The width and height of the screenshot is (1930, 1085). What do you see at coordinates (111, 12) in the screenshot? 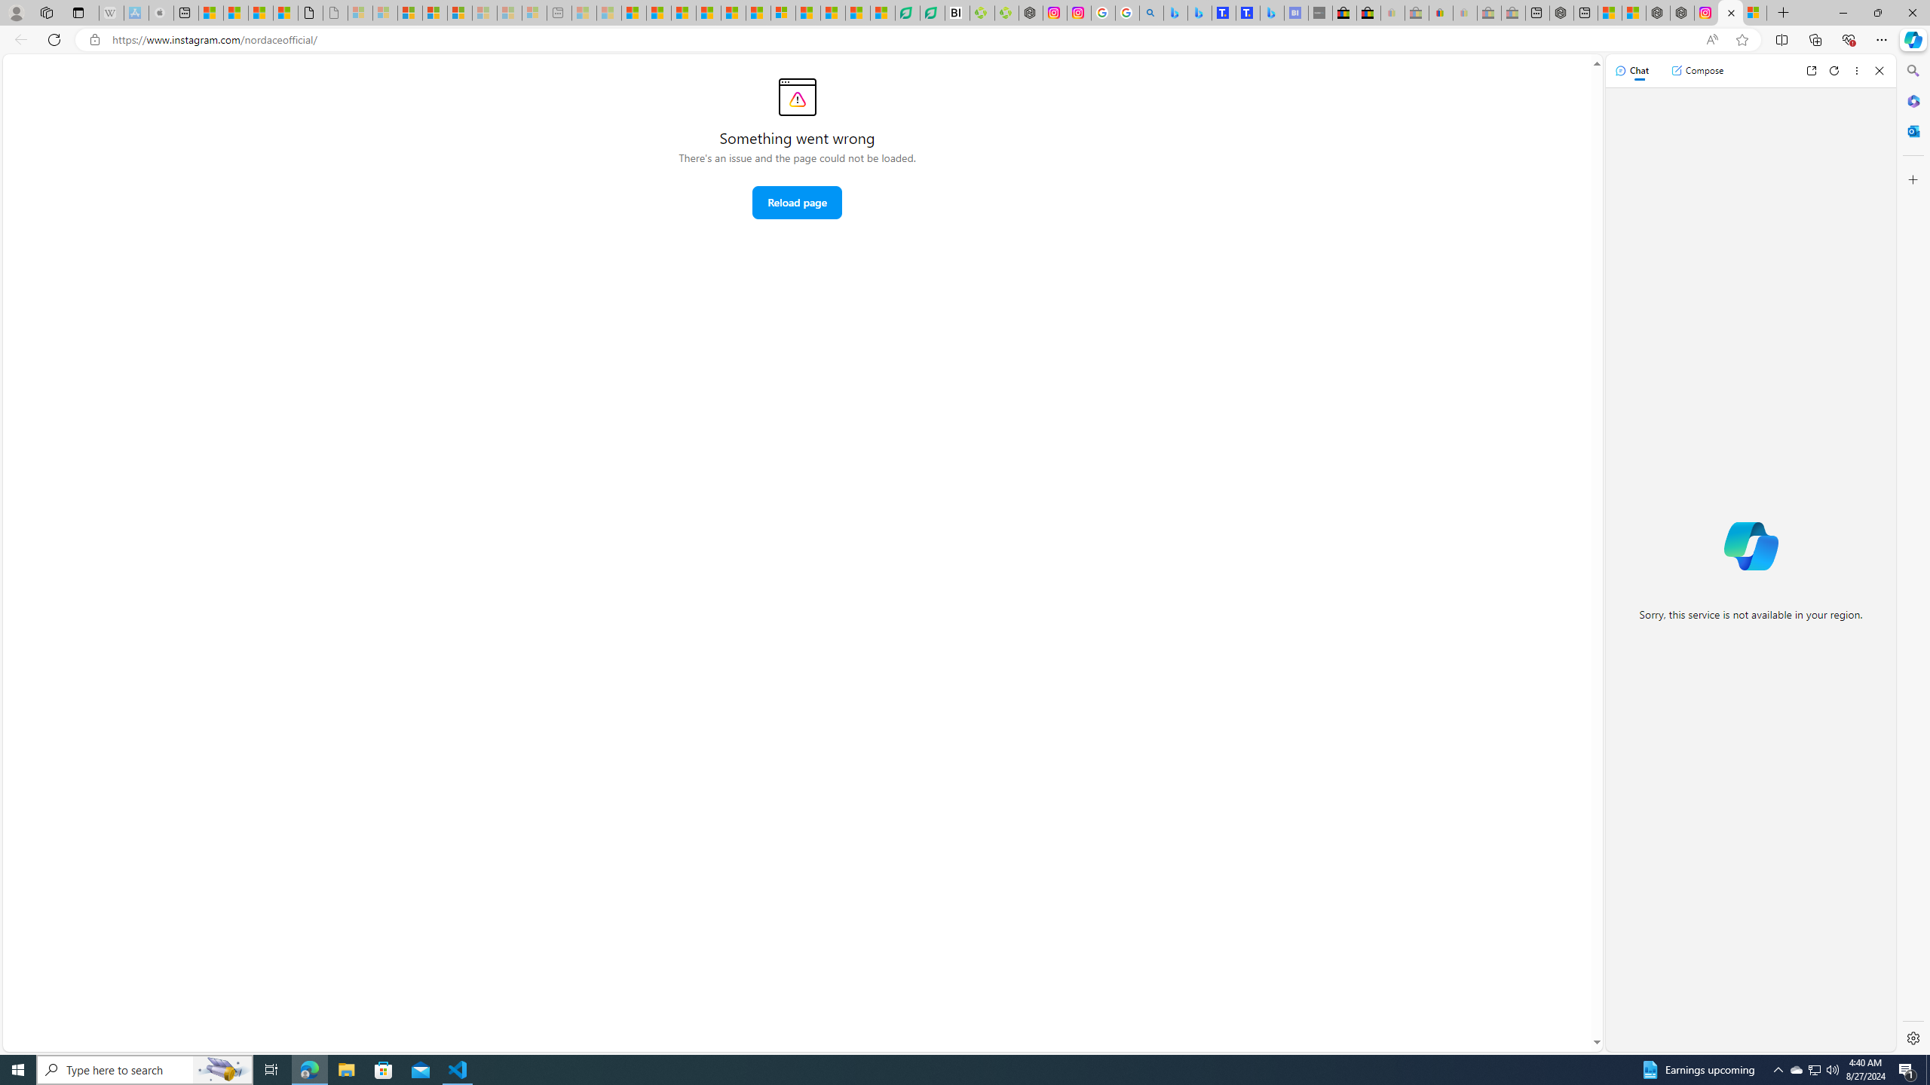
I see `'Wikipedia - Sleeping'` at bounding box center [111, 12].